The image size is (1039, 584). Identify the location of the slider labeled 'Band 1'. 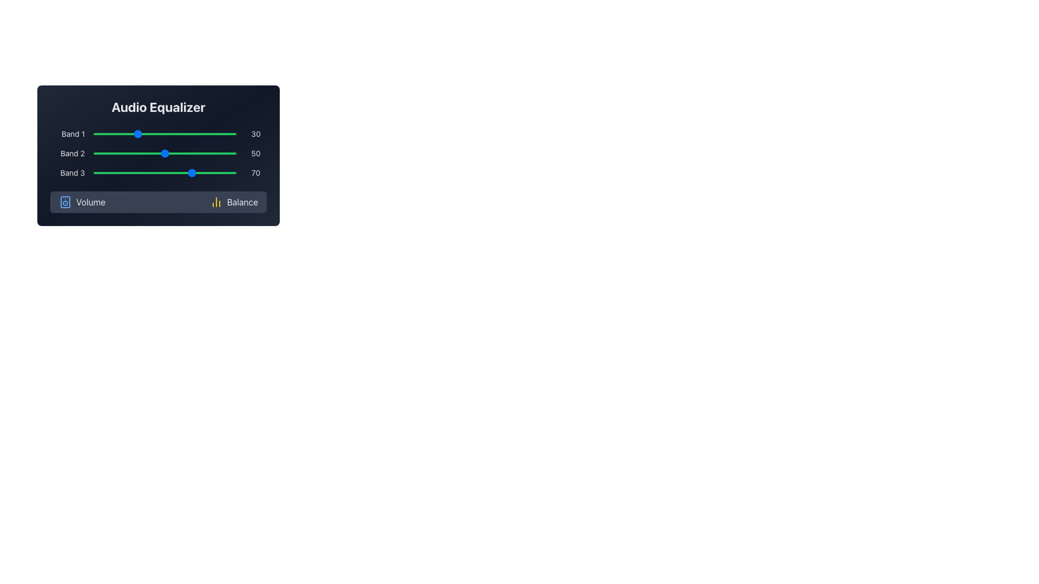
(190, 133).